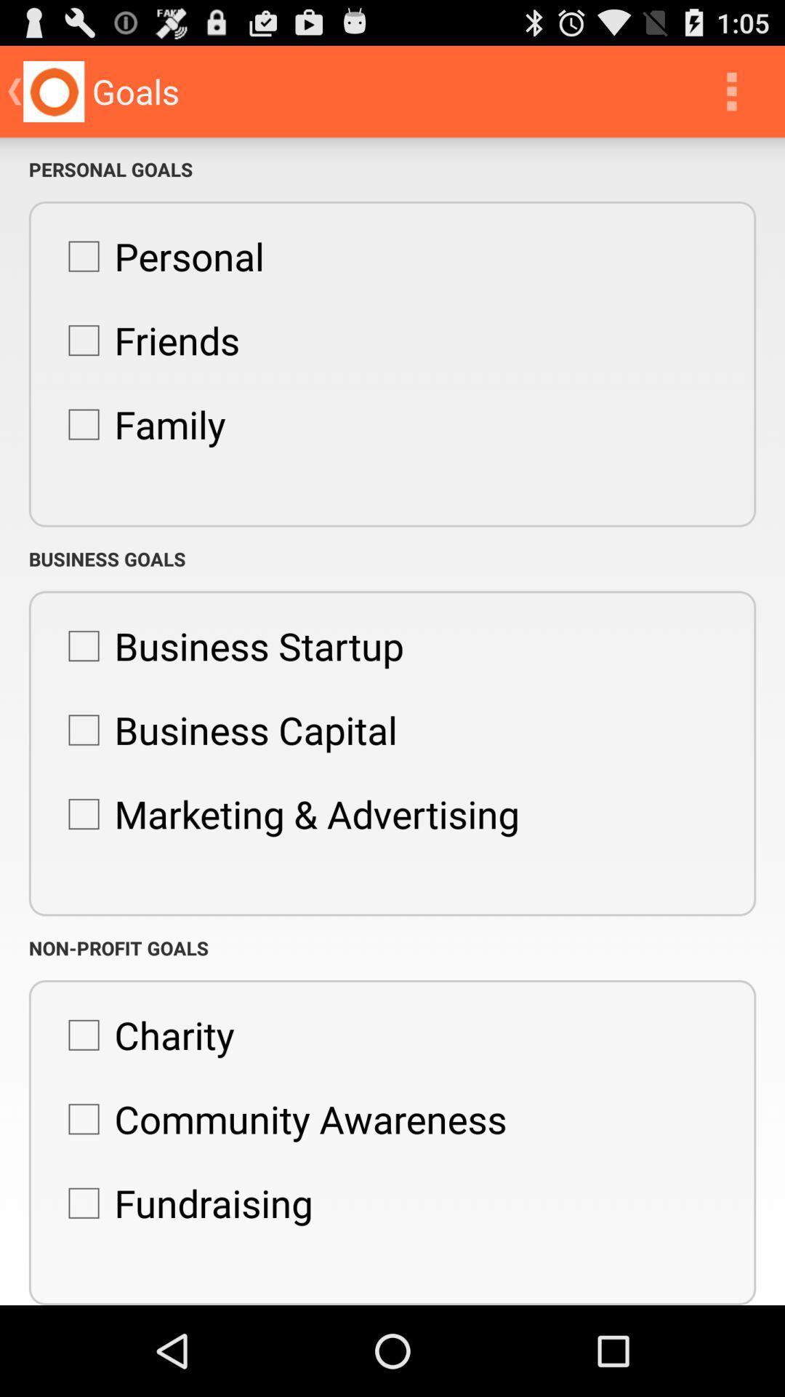  I want to click on the icon below the community awareness item, so click(182, 1203).